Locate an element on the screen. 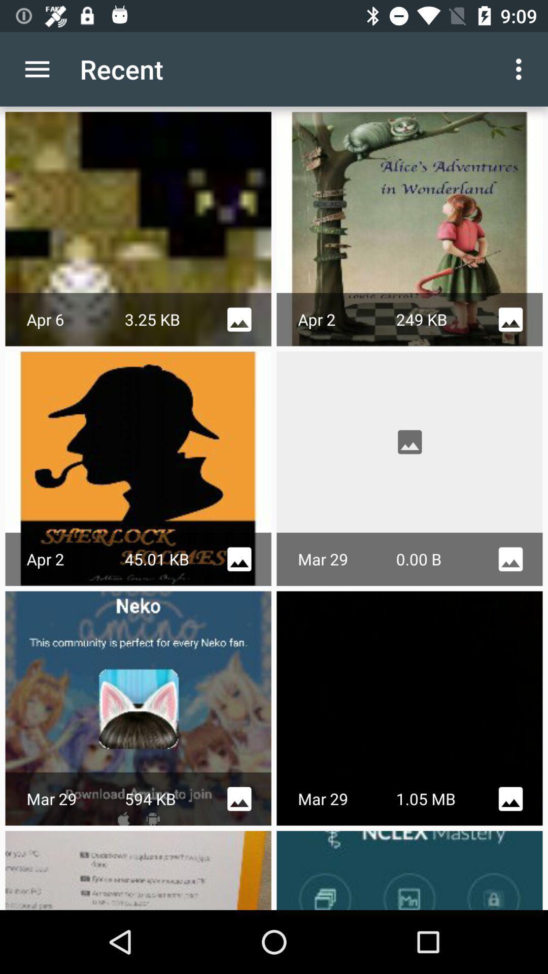  icon next to the recent app is located at coordinates (37, 68).